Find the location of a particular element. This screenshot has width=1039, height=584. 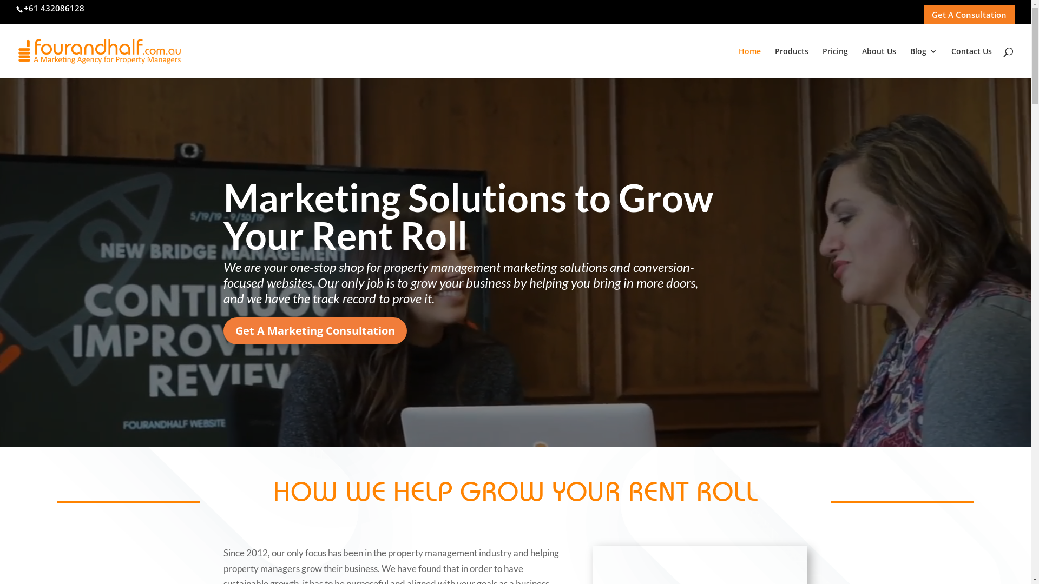

'Contact Us' is located at coordinates (971, 63).